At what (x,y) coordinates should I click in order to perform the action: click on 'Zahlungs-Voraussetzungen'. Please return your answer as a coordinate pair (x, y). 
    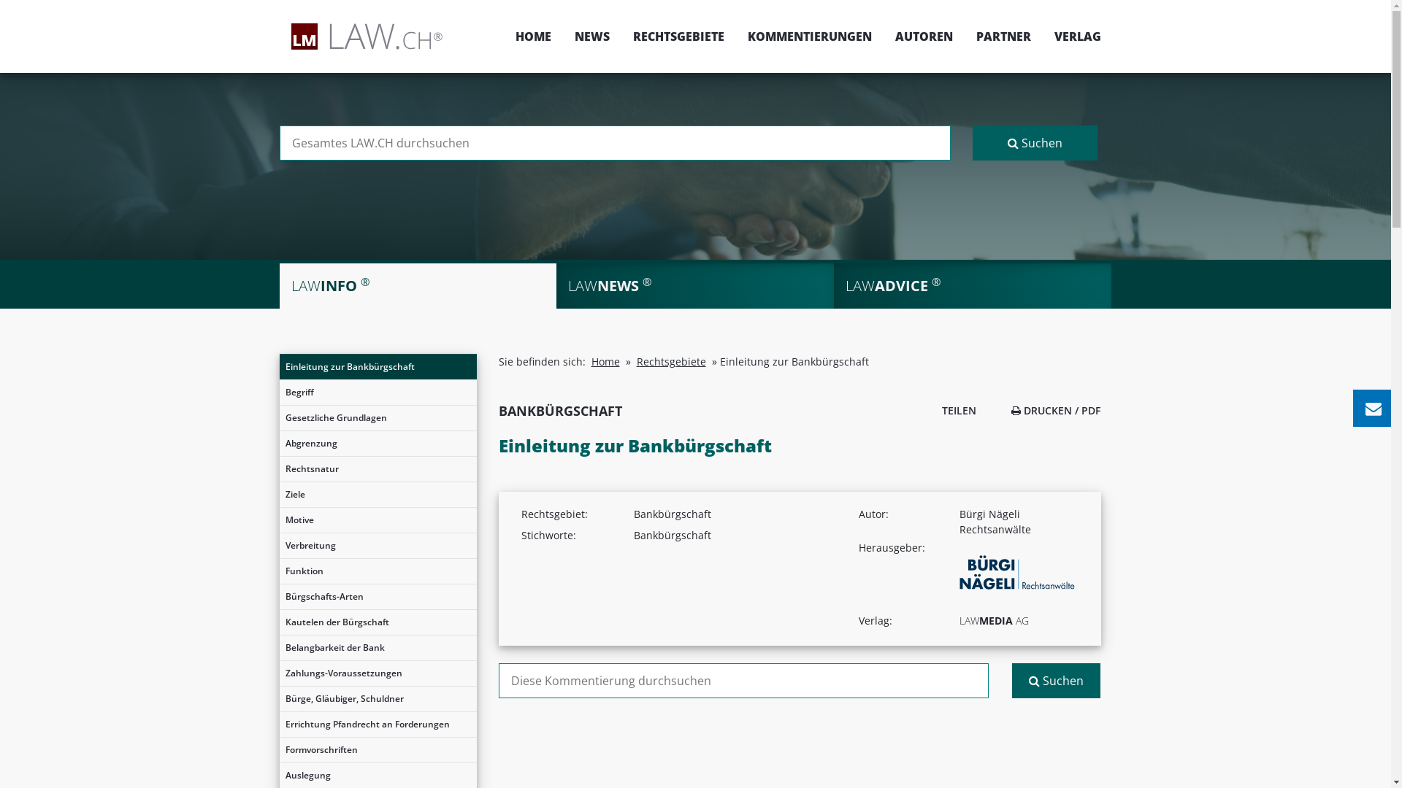
    Looking at the image, I should click on (378, 673).